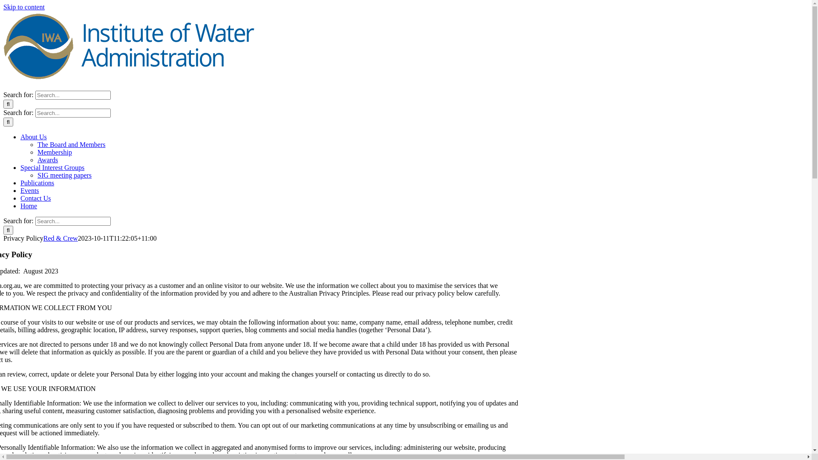  What do you see at coordinates (37, 152) in the screenshot?
I see `'Membership'` at bounding box center [37, 152].